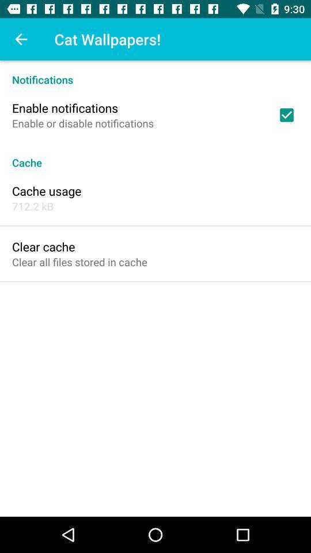  Describe the element at coordinates (33, 206) in the screenshot. I see `712.2 kb` at that location.